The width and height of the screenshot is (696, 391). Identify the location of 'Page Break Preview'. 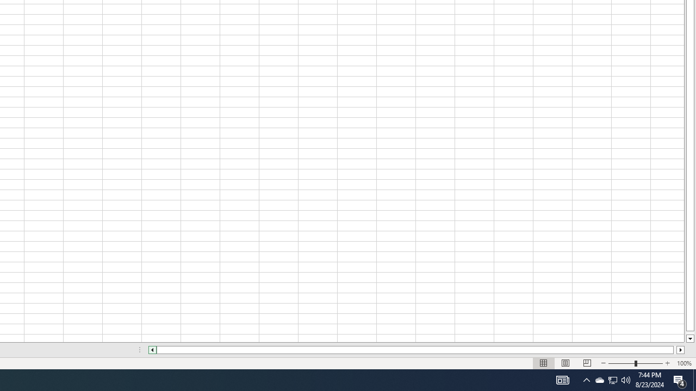
(586, 363).